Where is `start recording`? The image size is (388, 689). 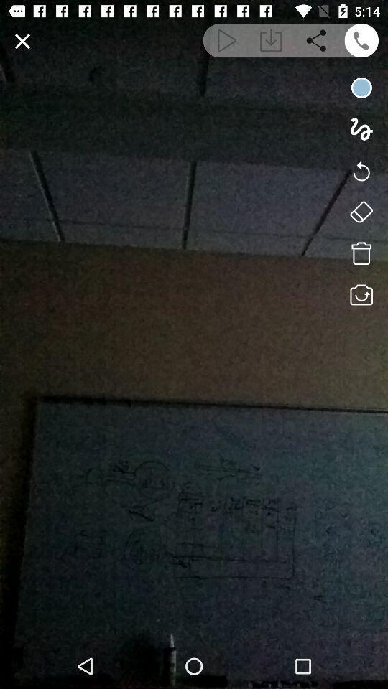
start recording is located at coordinates (361, 87).